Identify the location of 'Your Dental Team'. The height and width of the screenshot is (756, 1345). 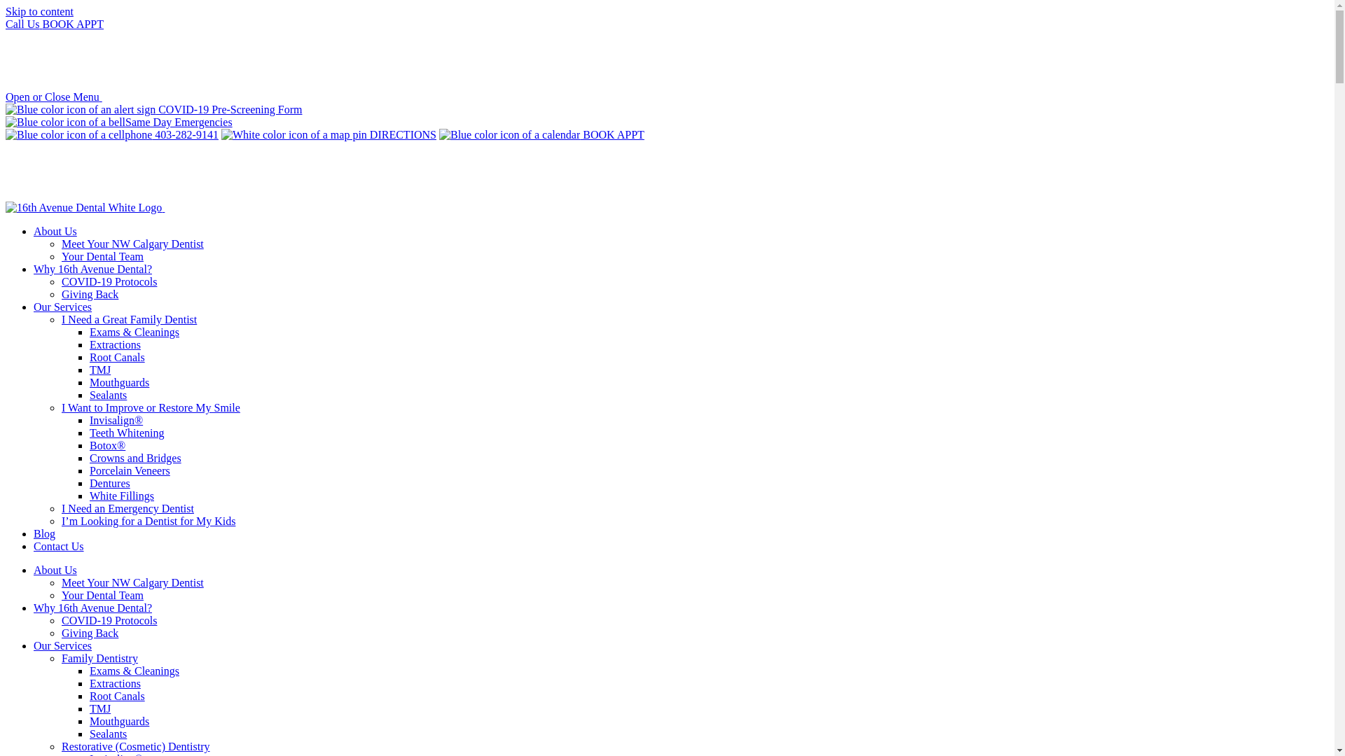
(102, 595).